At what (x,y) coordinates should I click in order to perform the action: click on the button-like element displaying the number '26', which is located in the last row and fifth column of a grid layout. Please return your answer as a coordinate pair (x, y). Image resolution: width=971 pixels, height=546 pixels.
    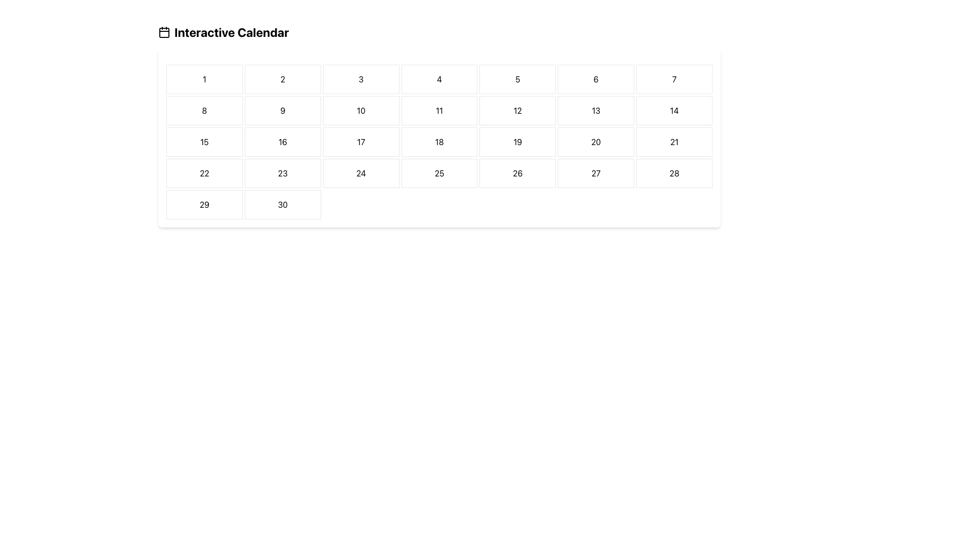
    Looking at the image, I should click on (517, 173).